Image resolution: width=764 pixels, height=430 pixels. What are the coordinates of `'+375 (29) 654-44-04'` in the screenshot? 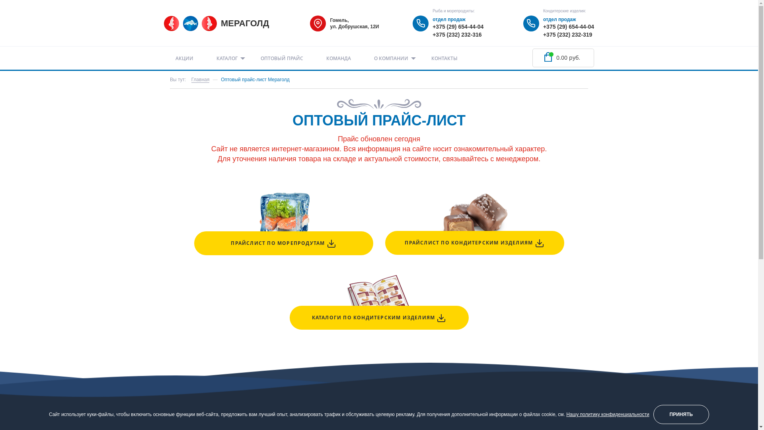 It's located at (458, 26).